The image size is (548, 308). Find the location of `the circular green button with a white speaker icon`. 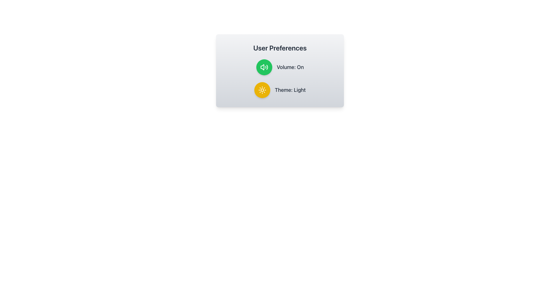

the circular green button with a white speaker icon is located at coordinates (264, 67).